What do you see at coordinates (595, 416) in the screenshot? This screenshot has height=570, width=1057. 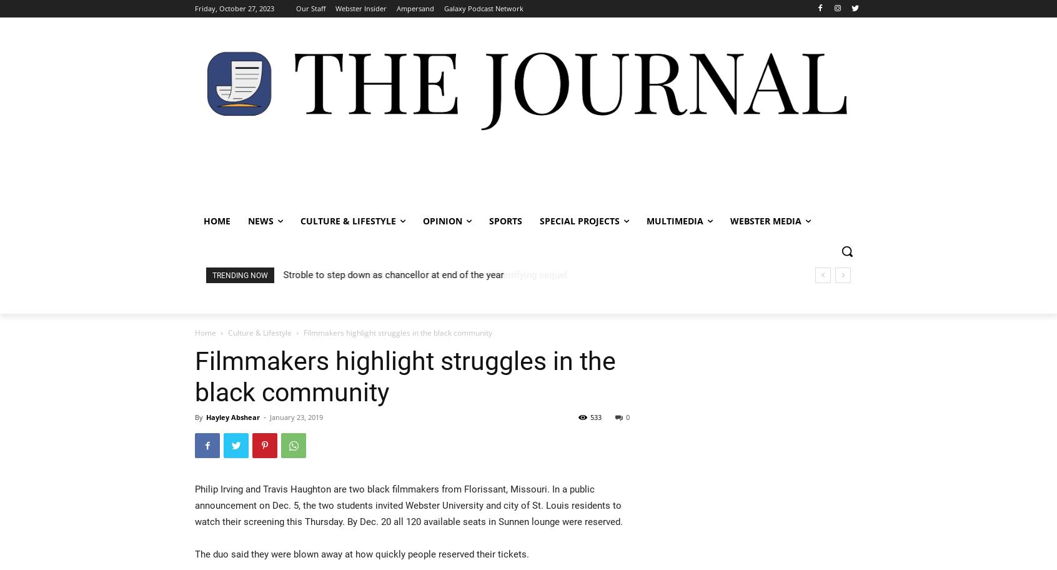 I see `'533'` at bounding box center [595, 416].